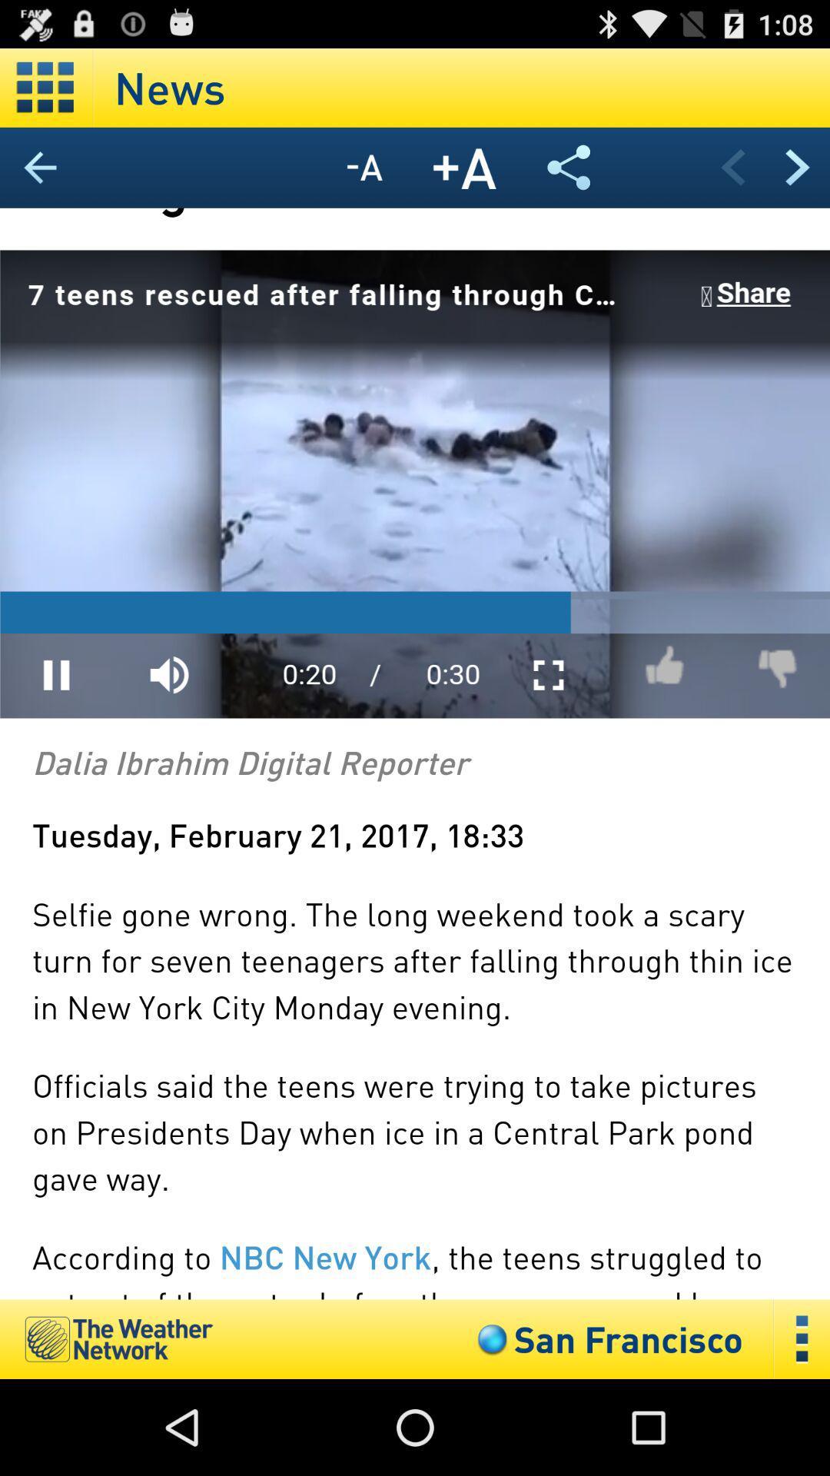  I want to click on the left arrow at the top left, so click(40, 167).